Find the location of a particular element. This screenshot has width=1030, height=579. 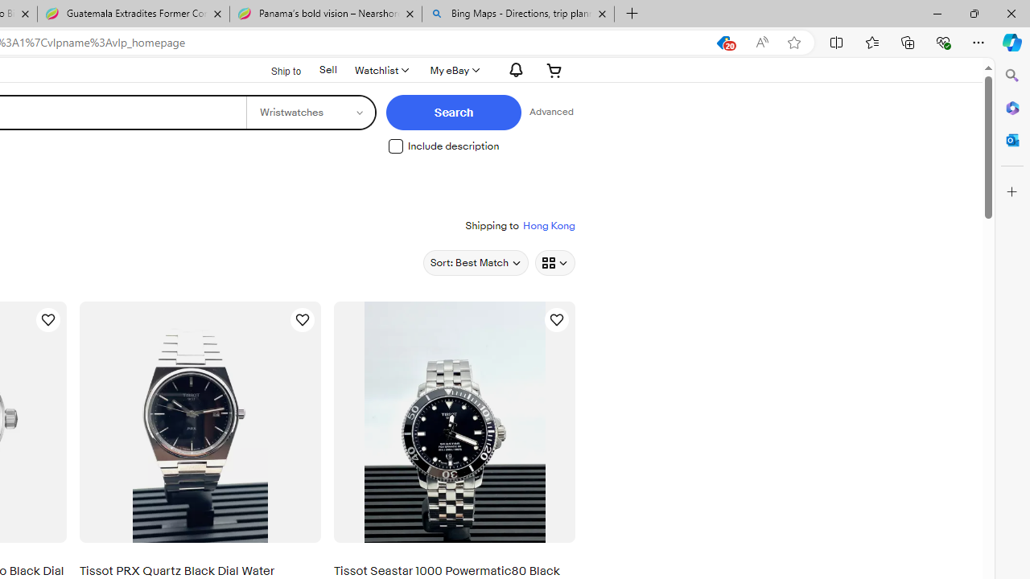

'AutomationID: gh-eb-Alerts' is located at coordinates (513, 69).